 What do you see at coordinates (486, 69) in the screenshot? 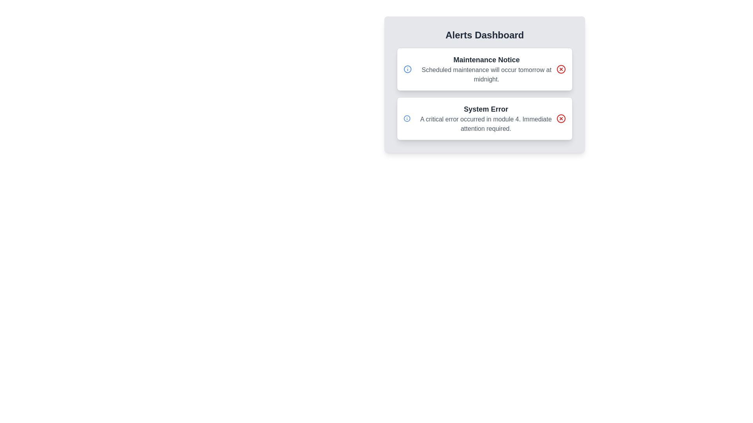
I see `the text block within the notification card that states 'Maintenance Notice', which is located below a blue information icon and above a red close icon in the Alerts Dashboard` at bounding box center [486, 69].